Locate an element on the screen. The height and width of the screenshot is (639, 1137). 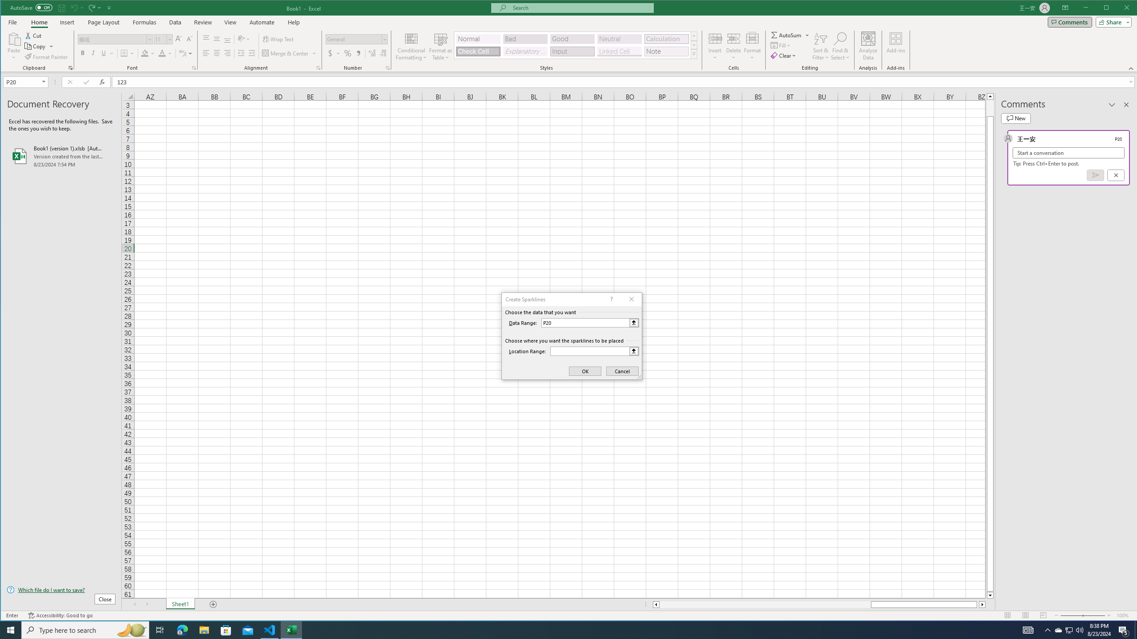
'AutoSum' is located at coordinates (791, 35).